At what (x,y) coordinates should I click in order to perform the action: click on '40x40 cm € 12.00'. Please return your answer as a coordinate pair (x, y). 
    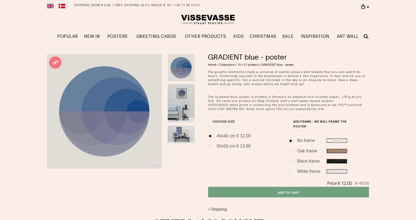
    Looking at the image, I should click on (233, 135).